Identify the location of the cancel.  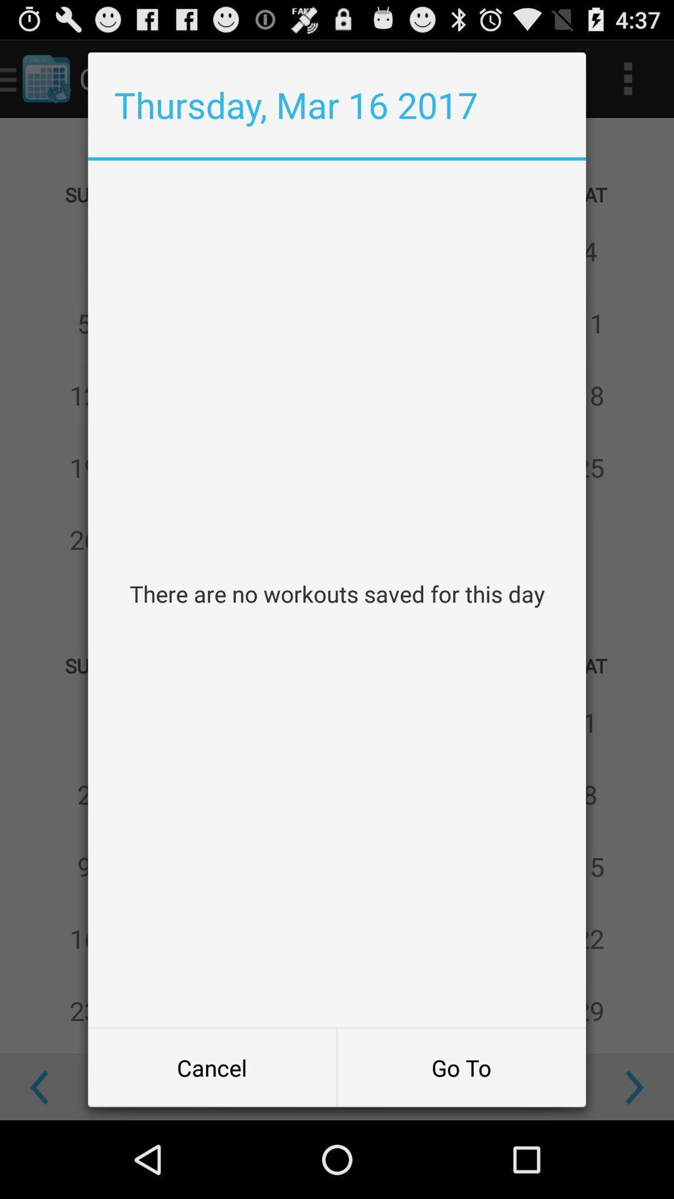
(212, 1067).